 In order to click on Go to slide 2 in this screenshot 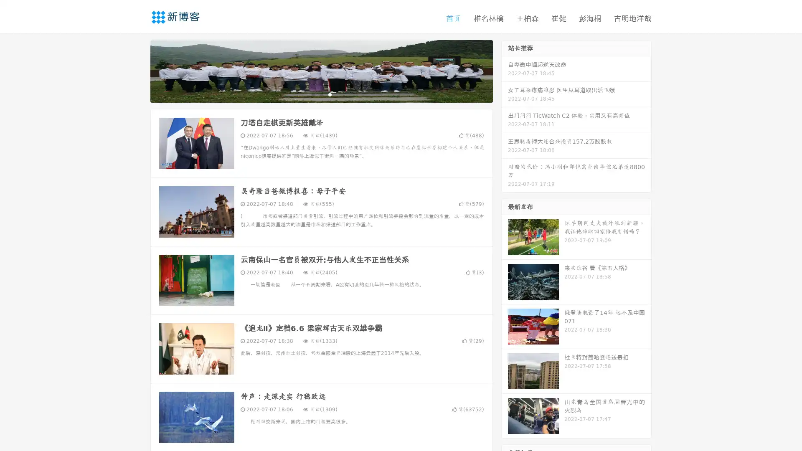, I will do `click(321, 94)`.